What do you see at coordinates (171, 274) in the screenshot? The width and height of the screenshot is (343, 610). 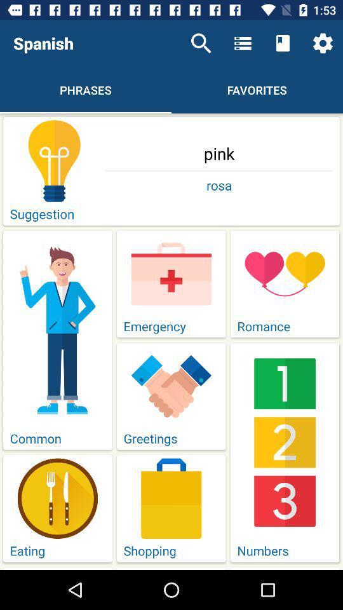 I see `the image above emergency` at bounding box center [171, 274].